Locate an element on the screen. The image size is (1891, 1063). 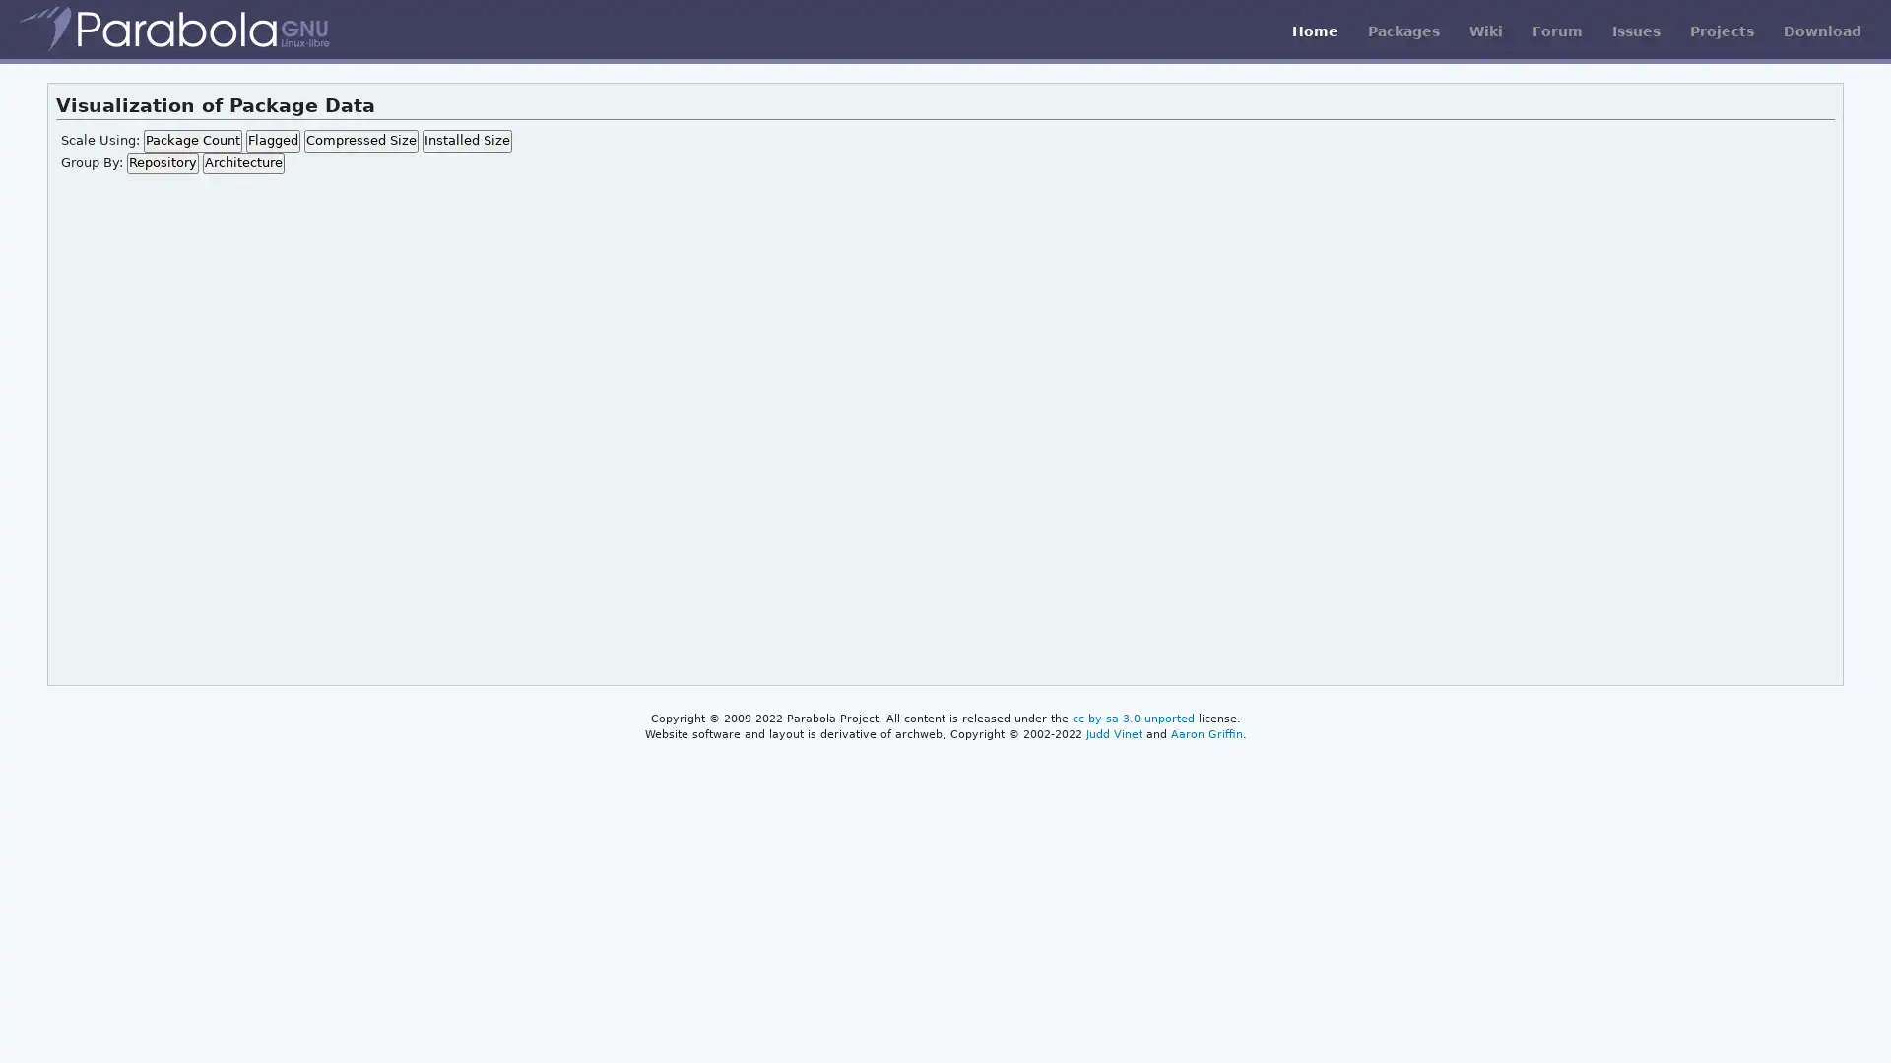
Package Count is located at coordinates (192, 139).